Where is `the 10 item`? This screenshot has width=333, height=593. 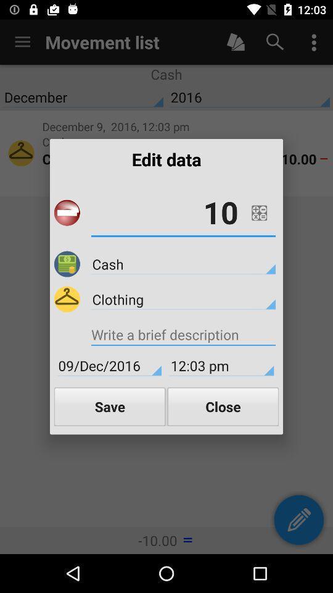 the 10 item is located at coordinates (183, 212).